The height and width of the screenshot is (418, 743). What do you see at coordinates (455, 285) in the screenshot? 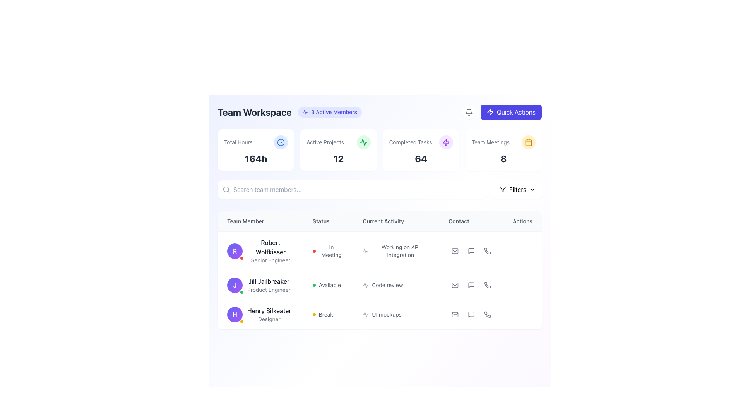
I see `the mail icon in the Actions column for 'Jill Jailbreaker'` at bounding box center [455, 285].